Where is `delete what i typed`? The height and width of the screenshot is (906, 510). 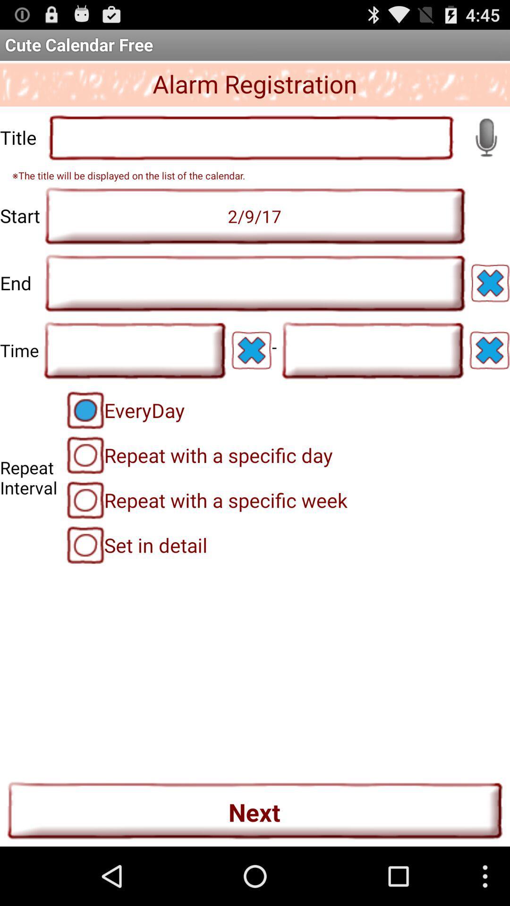
delete what i typed is located at coordinates (251, 350).